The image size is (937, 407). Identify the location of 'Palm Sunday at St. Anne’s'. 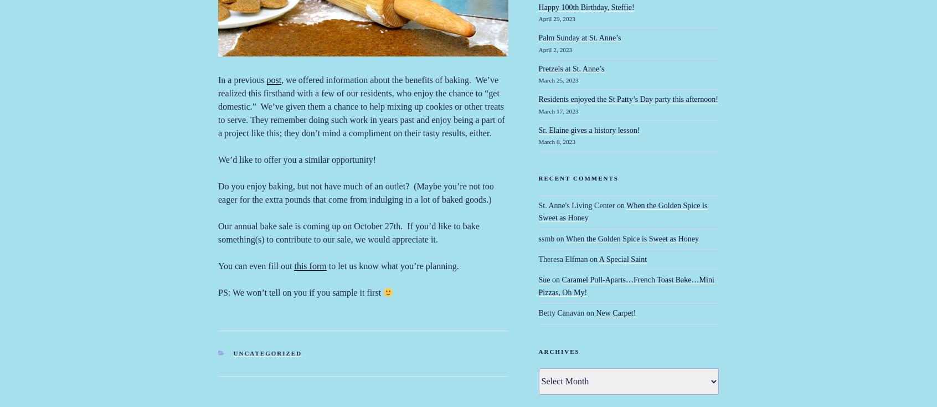
(579, 38).